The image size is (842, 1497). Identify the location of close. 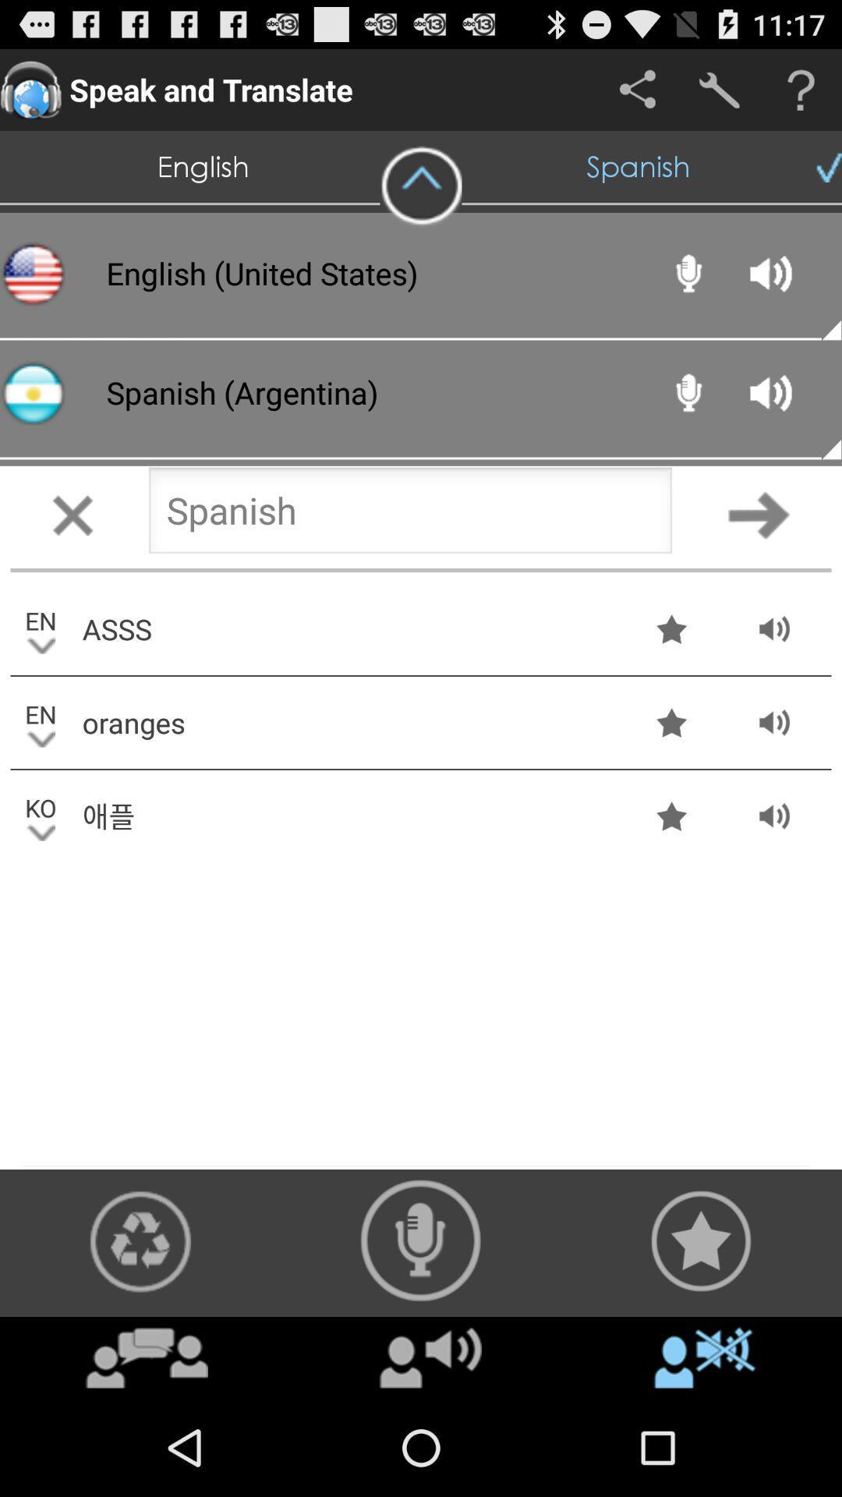
(72, 515).